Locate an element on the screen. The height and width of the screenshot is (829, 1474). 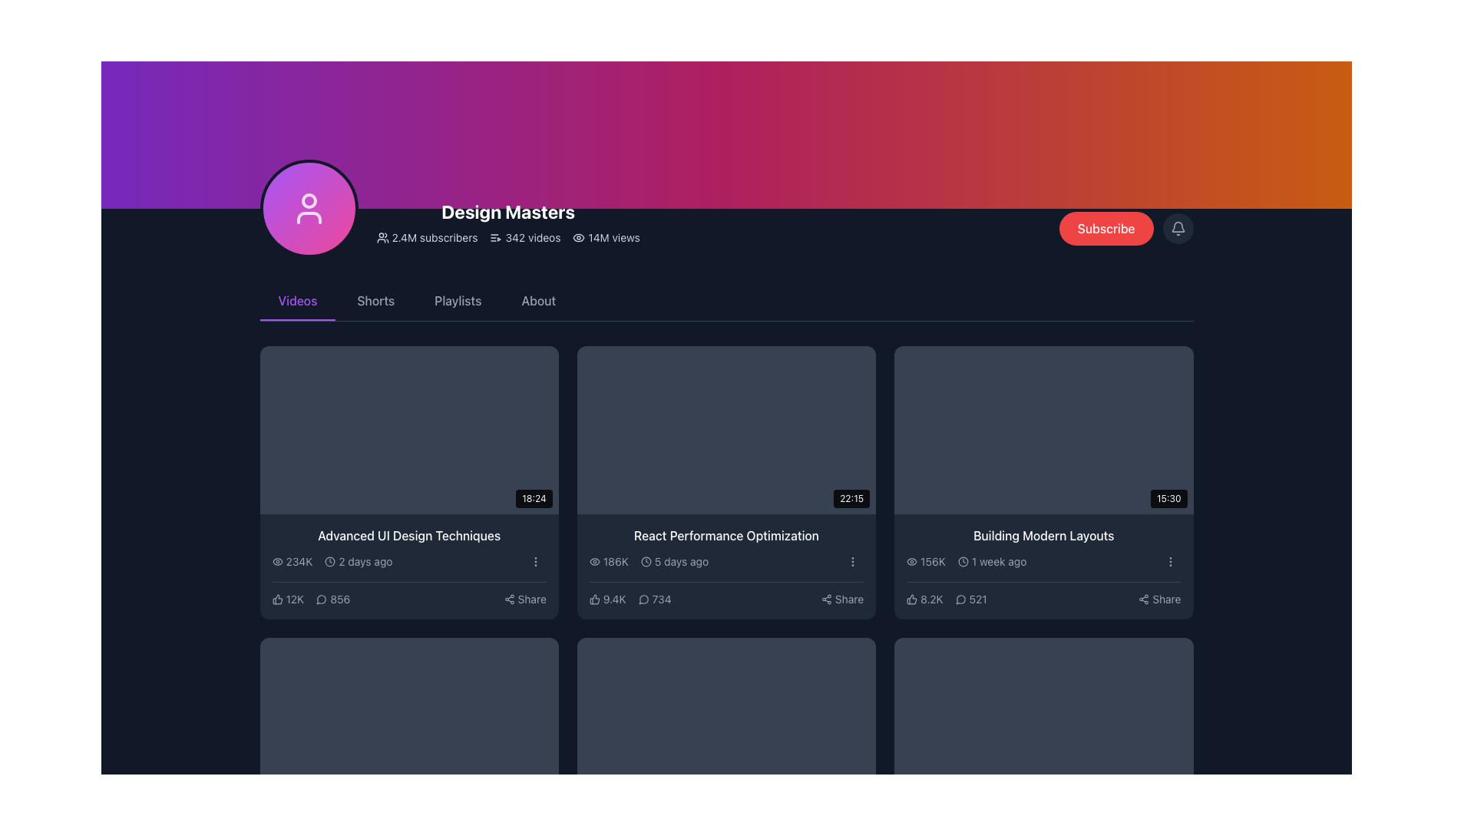
time displayed on the small black rectangular badge with rounded corners showing '15:30', located at the bottom-right edge of the video thumbnail titled 'Building Modern Layouts' is located at coordinates (1168, 499).